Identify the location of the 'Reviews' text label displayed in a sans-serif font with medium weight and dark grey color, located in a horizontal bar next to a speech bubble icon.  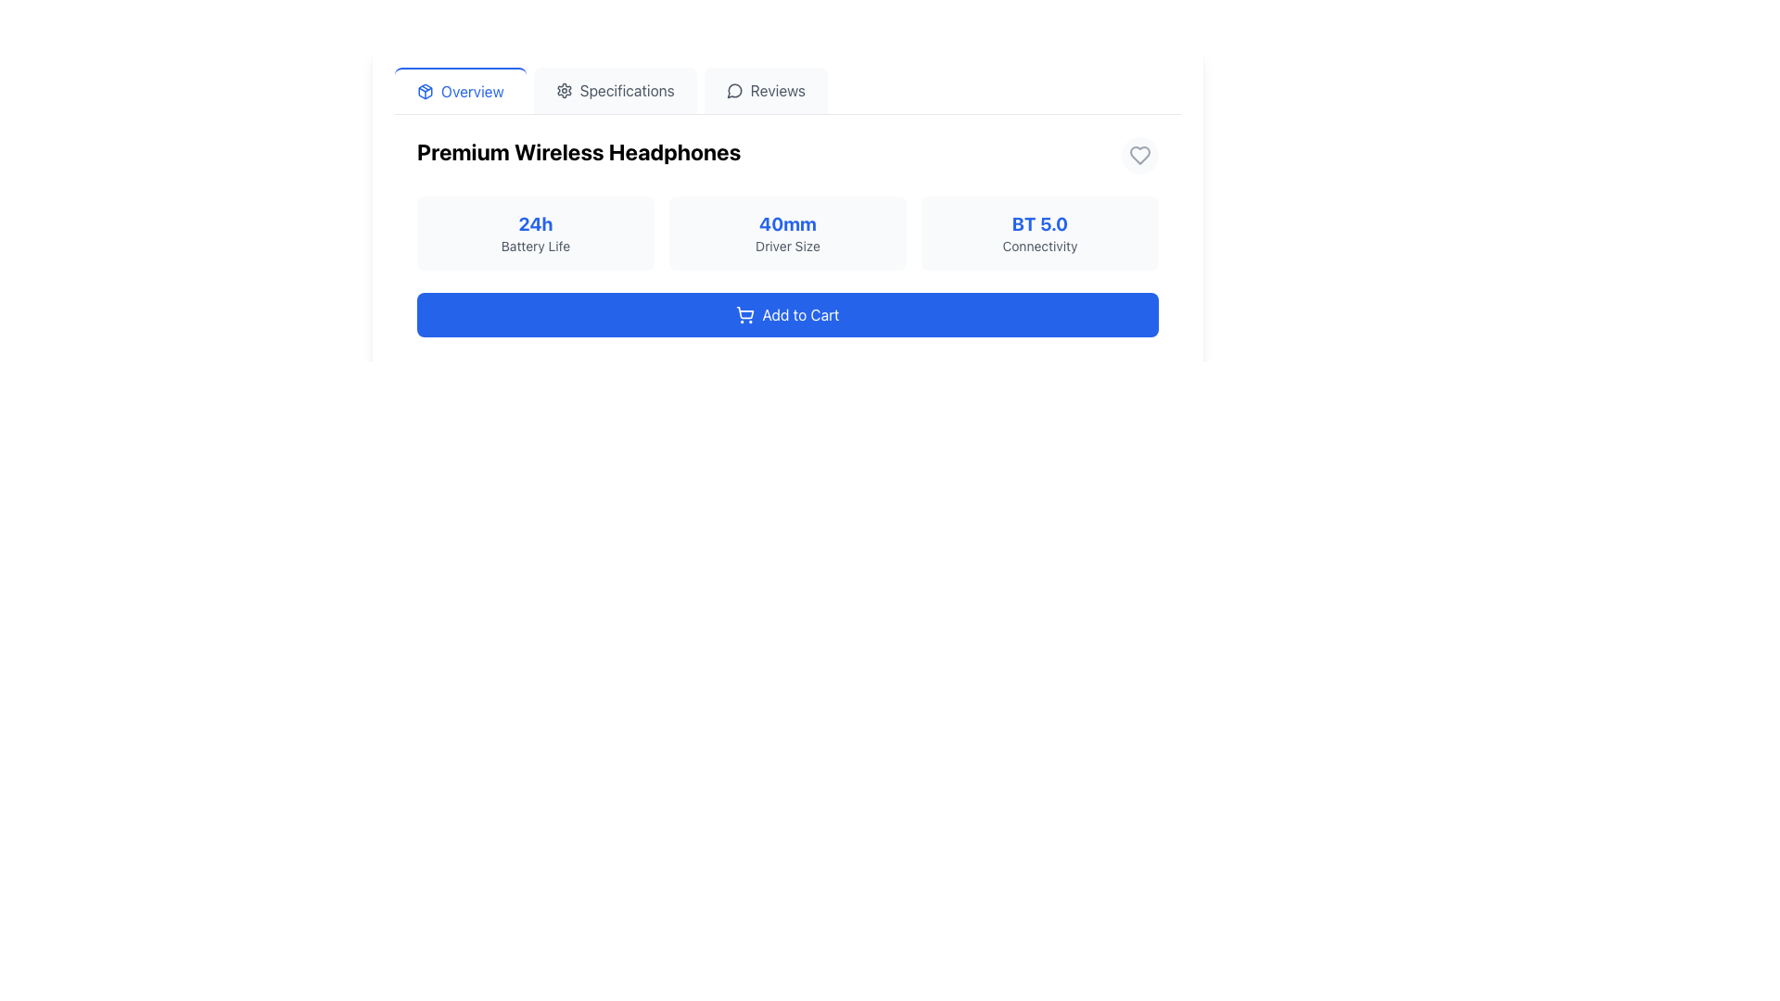
(778, 90).